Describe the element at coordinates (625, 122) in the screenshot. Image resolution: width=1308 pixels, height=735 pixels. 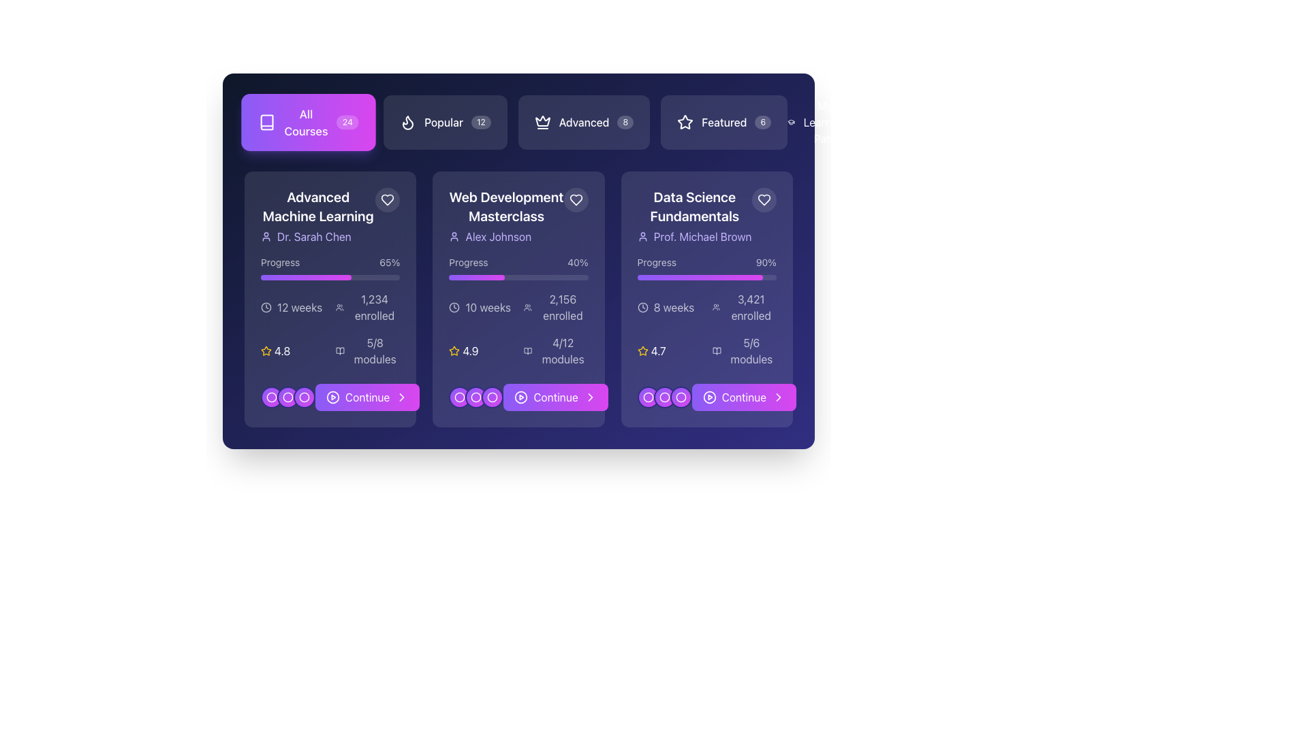
I see `the numeric indicator representing the count of items associated with the 'Advanced' category, located to the right of the text 'Advanced'` at that location.